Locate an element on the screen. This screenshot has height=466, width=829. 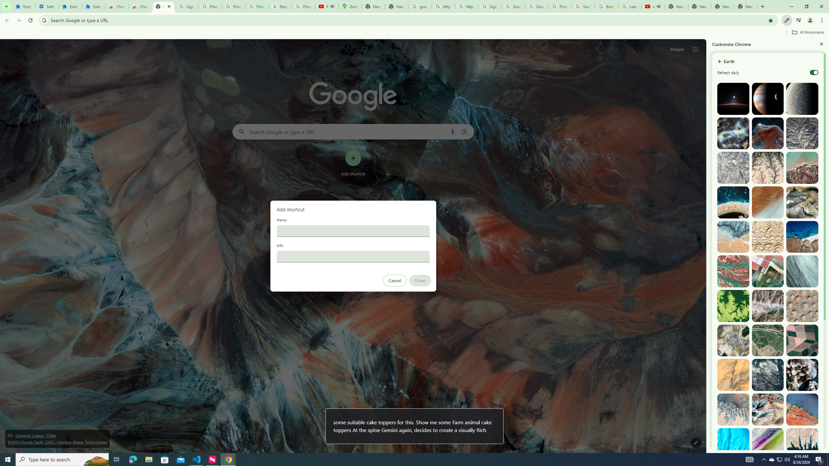
'Google Maps' is located at coordinates (350, 6).